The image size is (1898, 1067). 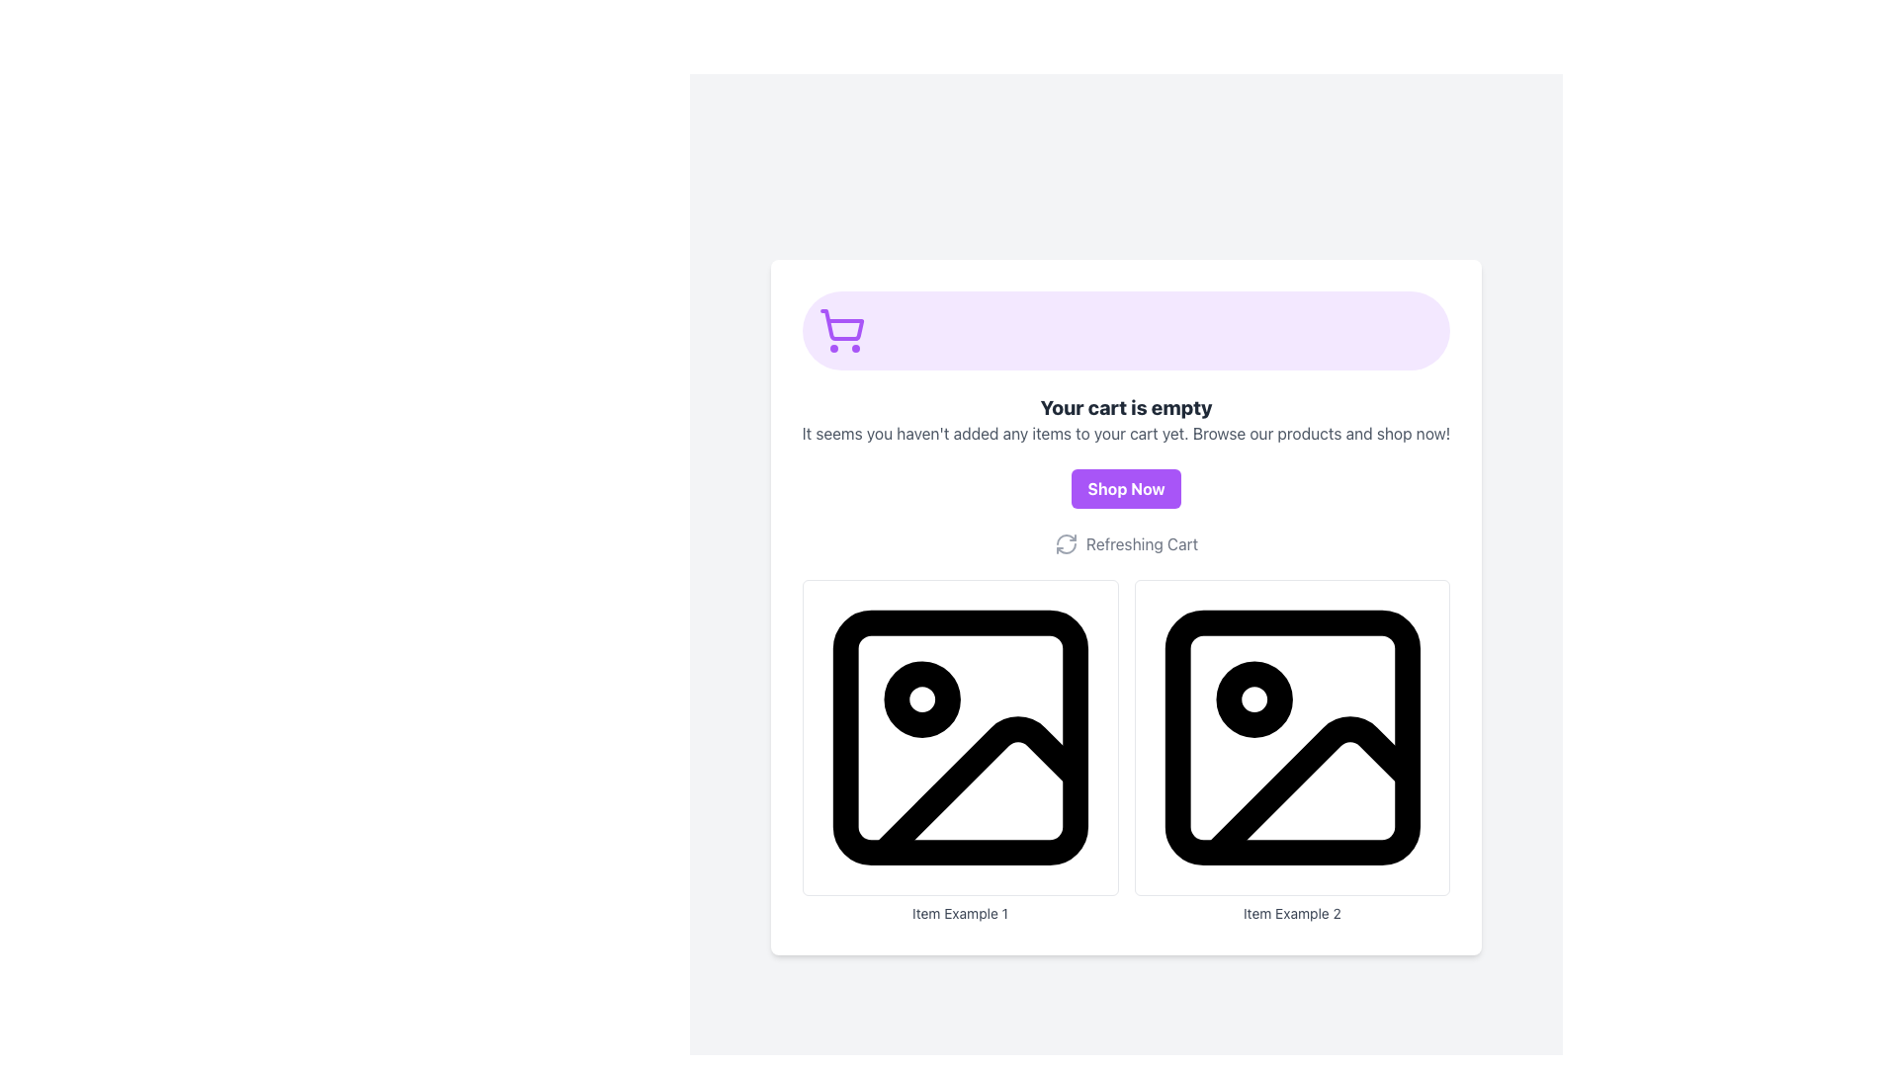 I want to click on message displayed at the top of the main content section, indicating that the shopping cart is empty, so click(x=1126, y=407).